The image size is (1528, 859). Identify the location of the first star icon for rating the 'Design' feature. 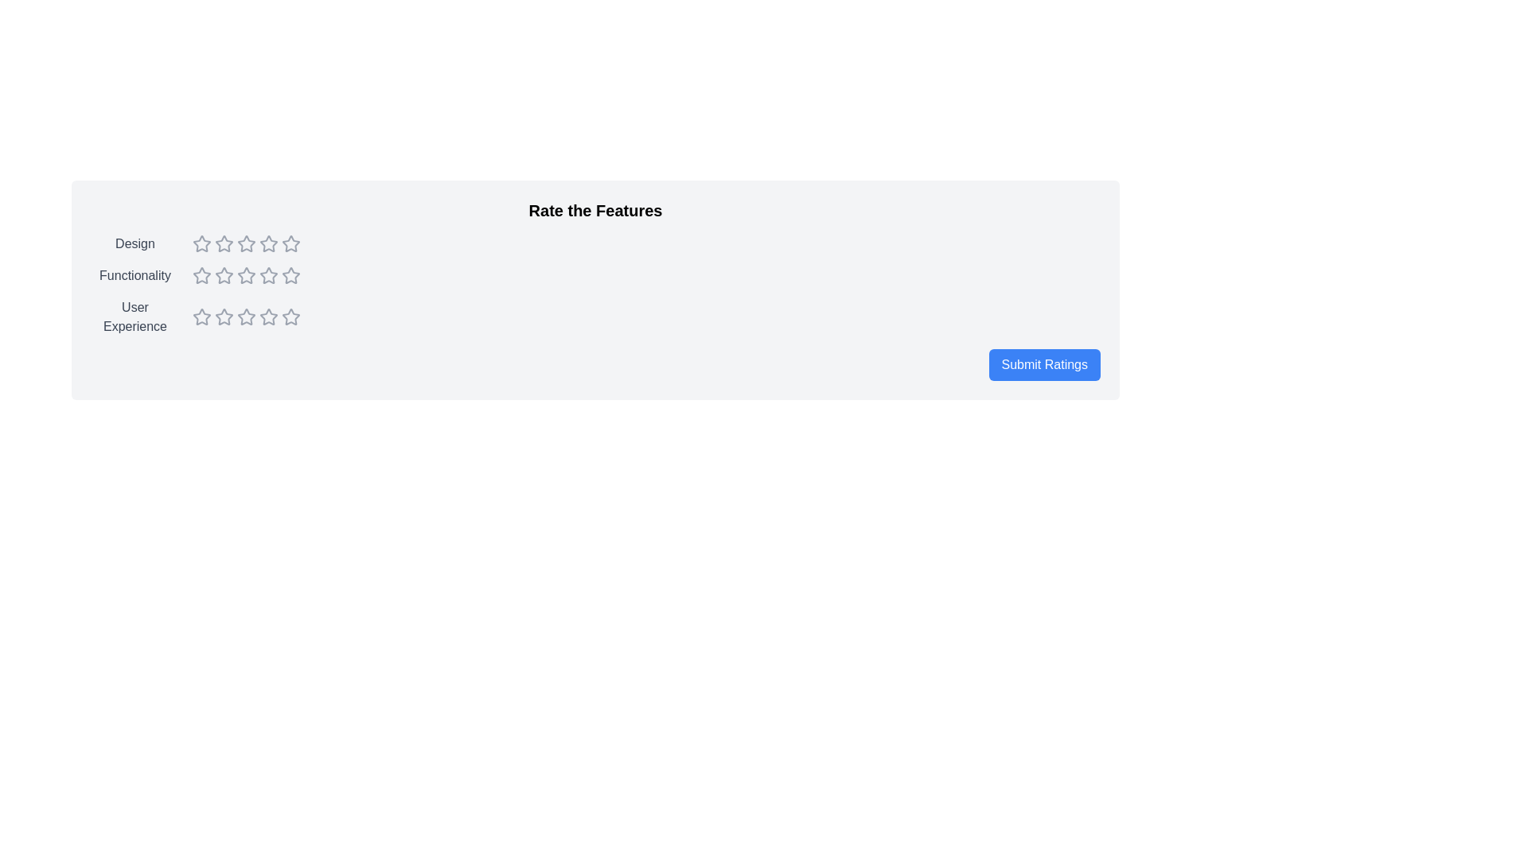
(201, 243).